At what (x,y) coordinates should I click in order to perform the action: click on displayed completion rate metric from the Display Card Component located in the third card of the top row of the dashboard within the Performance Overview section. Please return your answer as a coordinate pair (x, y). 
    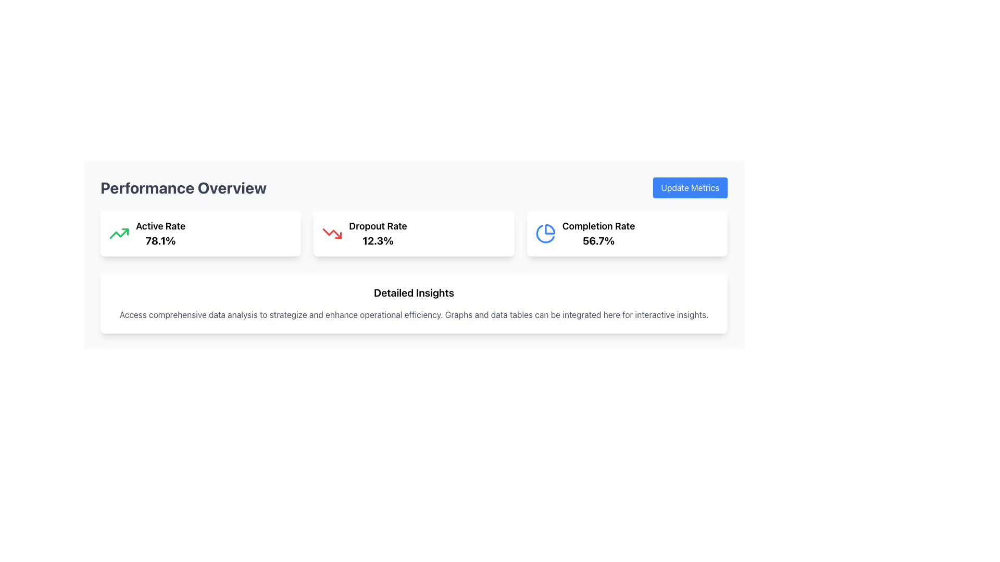
    Looking at the image, I should click on (598, 233).